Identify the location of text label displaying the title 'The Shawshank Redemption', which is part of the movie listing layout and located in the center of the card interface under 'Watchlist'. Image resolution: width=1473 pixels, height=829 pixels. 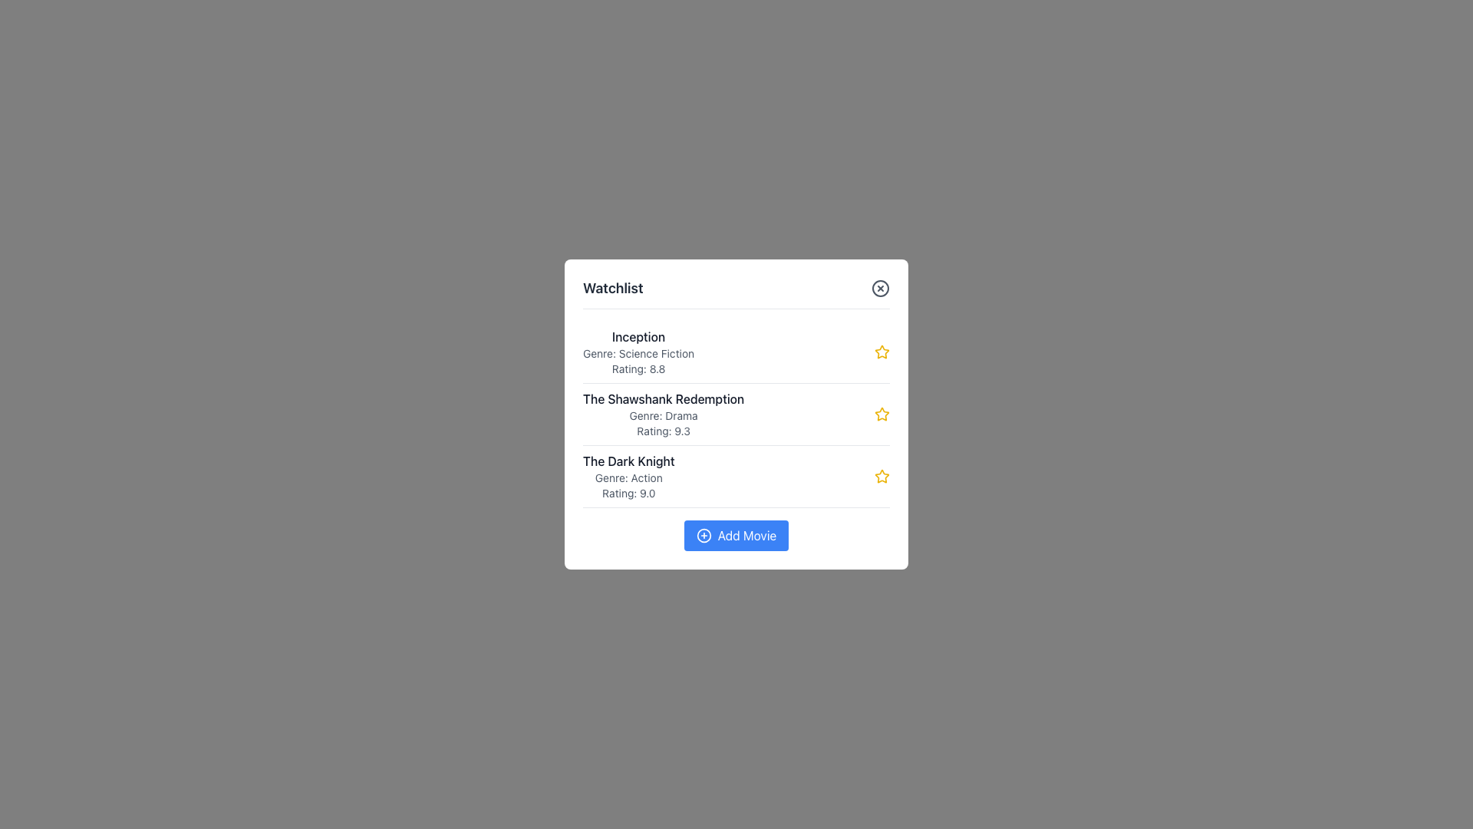
(664, 398).